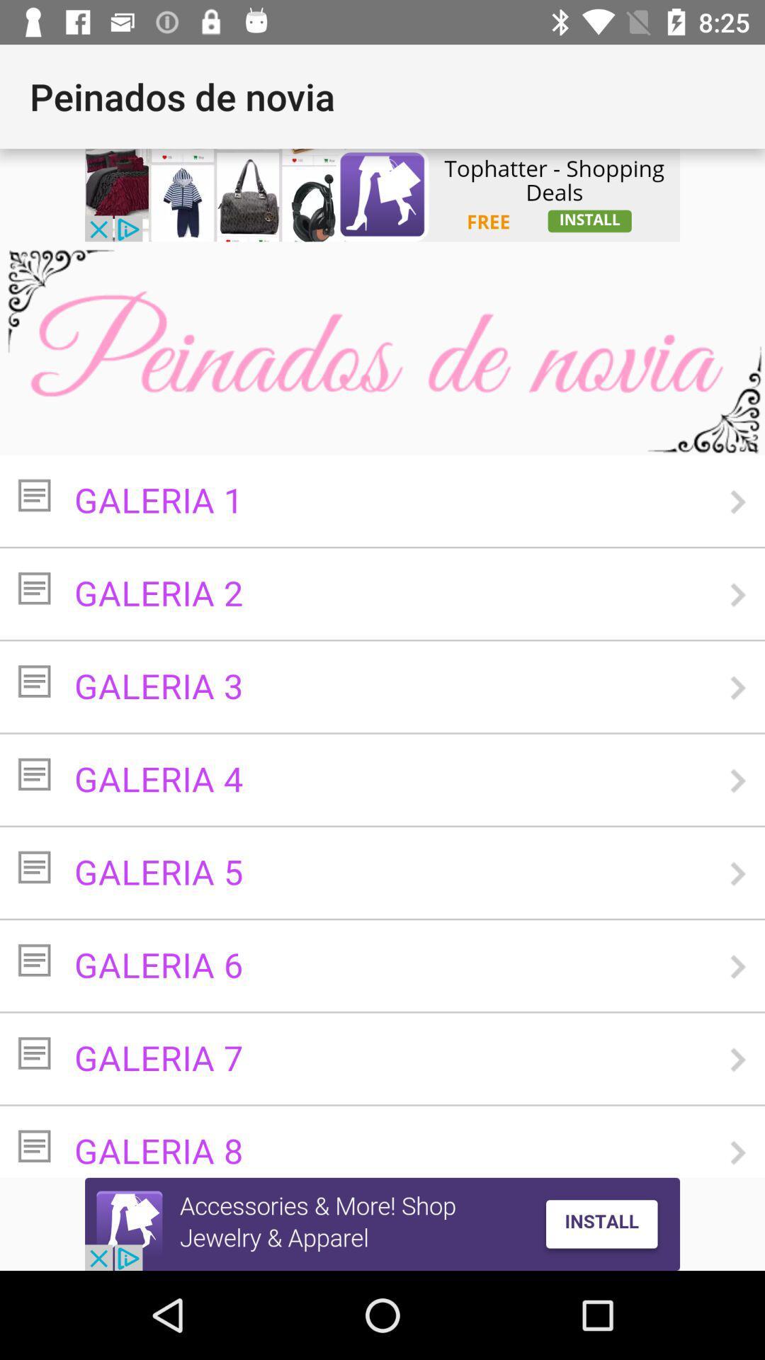 The image size is (765, 1360). Describe the element at coordinates (382, 1223) in the screenshot. I see `advertisement` at that location.